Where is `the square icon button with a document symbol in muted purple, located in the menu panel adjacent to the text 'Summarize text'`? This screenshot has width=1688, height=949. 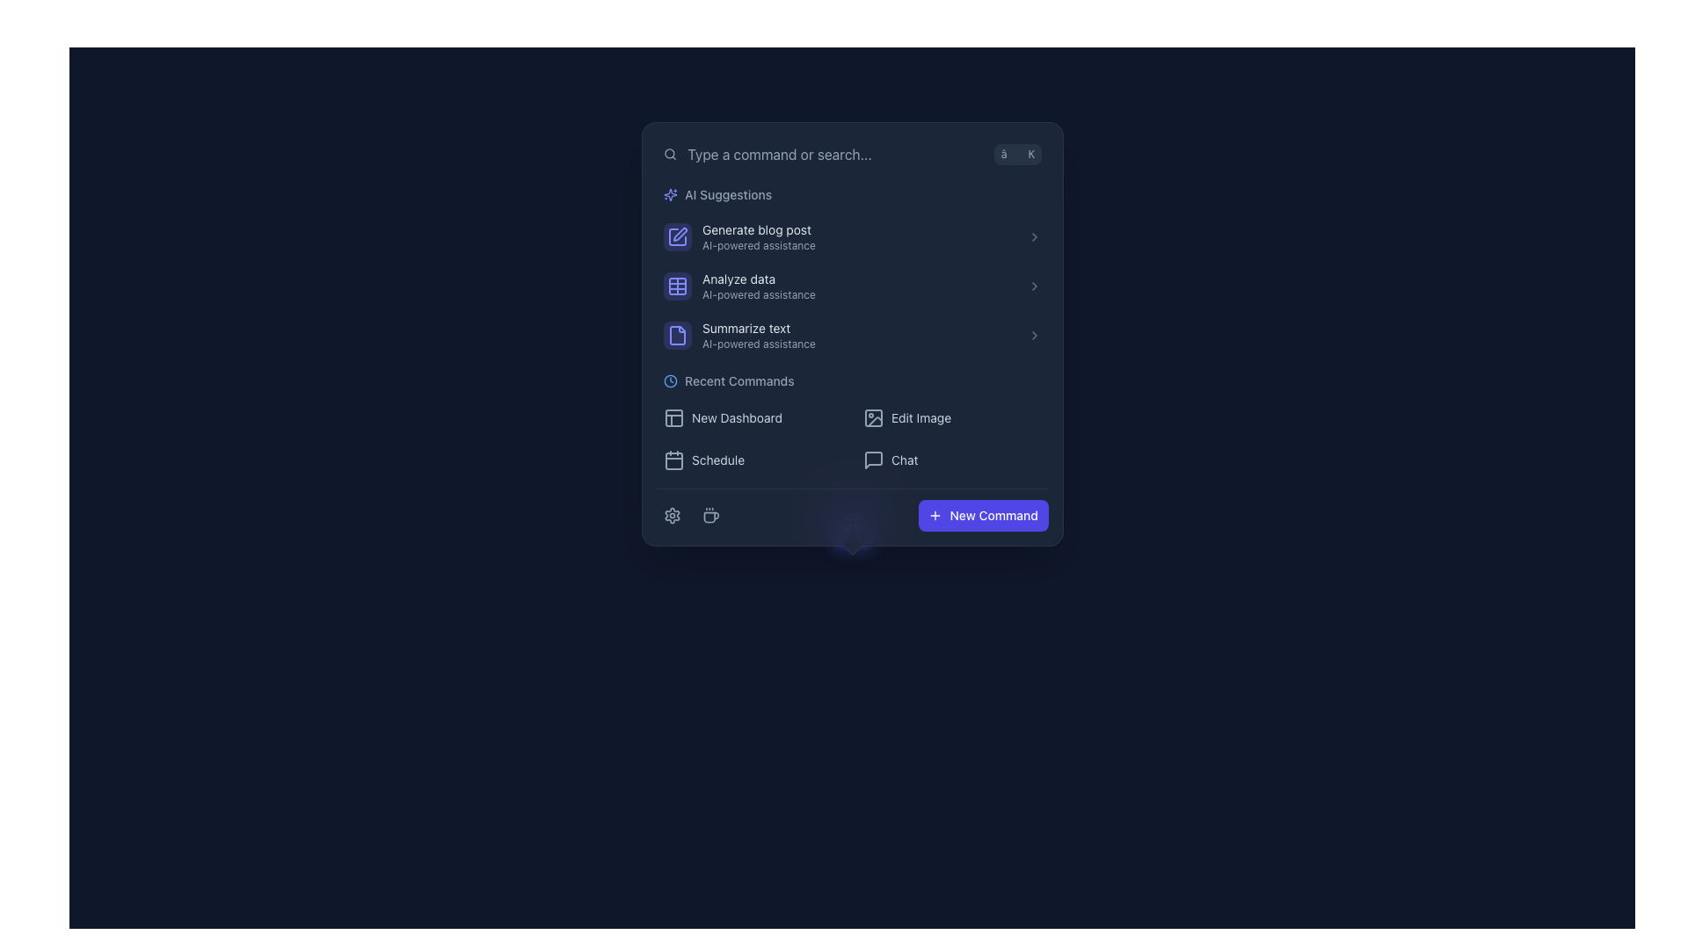 the square icon button with a document symbol in muted purple, located in the menu panel adjacent to the text 'Summarize text' is located at coordinates (676, 335).